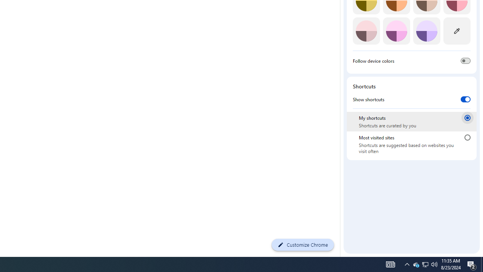 The width and height of the screenshot is (483, 272). I want to click on 'Side Panel Resize Handle', so click(341, 9).